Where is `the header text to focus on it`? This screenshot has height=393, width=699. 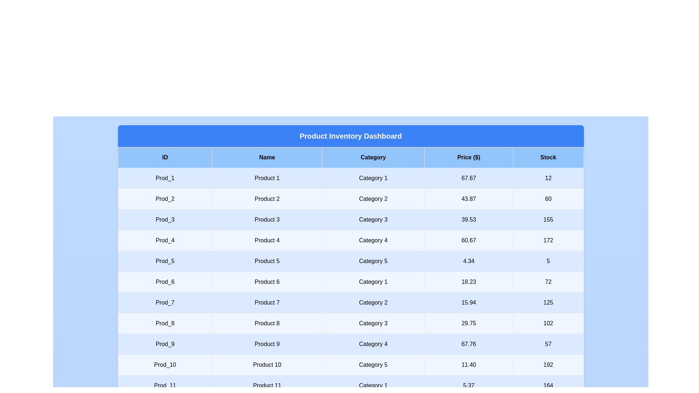
the header text to focus on it is located at coordinates (351, 136).